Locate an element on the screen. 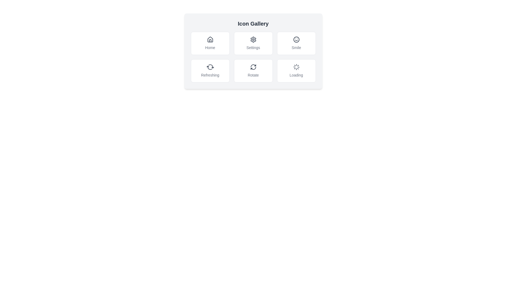 Image resolution: width=517 pixels, height=291 pixels. the 'rotate' icon located in the center-left of the 'Rotate' button in the 'Icon Gallery' is located at coordinates (253, 67).